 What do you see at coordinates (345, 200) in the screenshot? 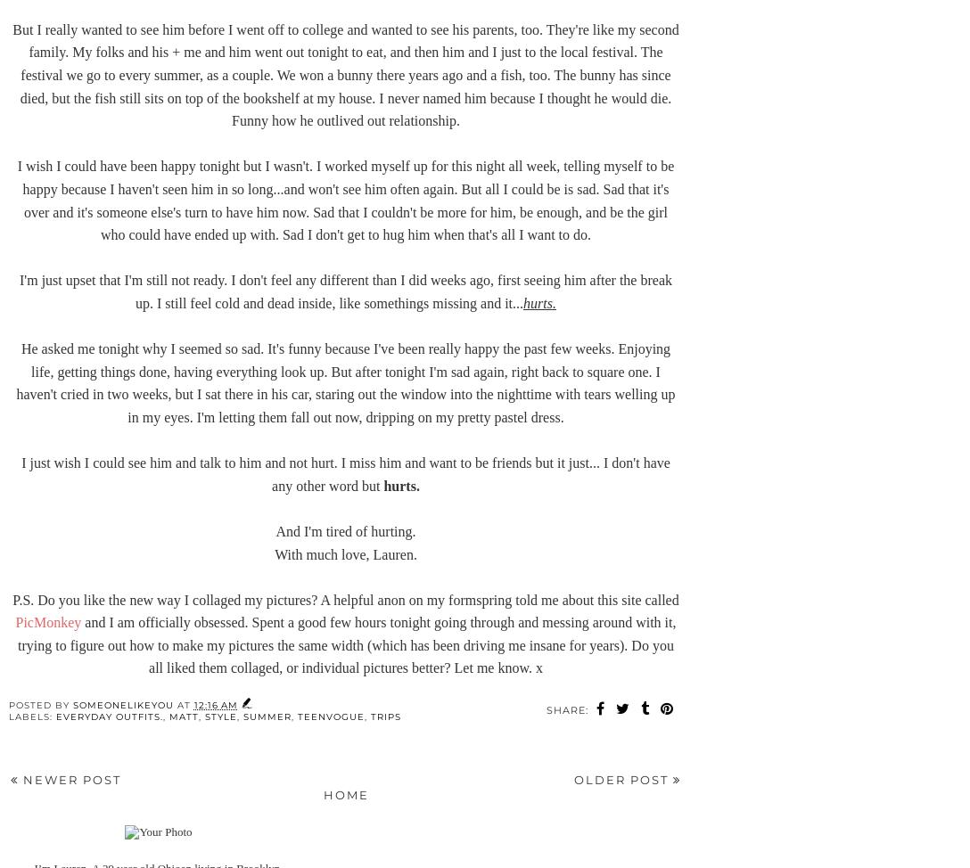
I see `'I wish I could have been happy tonight but I wasn't. I worked myself up for this night all week, telling myself to be happy because I haven't seen him in so long...and won't see him often again. But all I could be is sad. Sad that it's over and it's someone else's turn to have him now. Sad that I couldn't be more for him, be enough, and be the girl who could have ended up with. Sad I don't get to hug him when that's all I want to do.'` at bounding box center [345, 200].